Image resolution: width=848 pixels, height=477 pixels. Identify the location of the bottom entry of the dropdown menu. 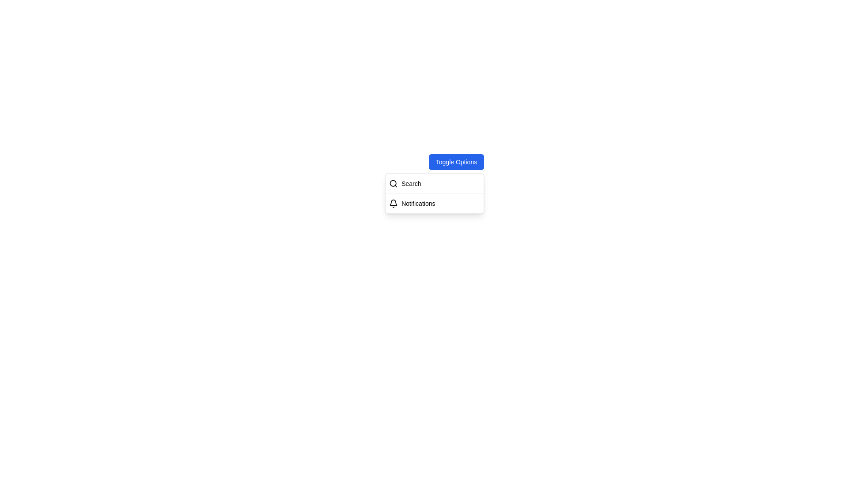
(435, 203).